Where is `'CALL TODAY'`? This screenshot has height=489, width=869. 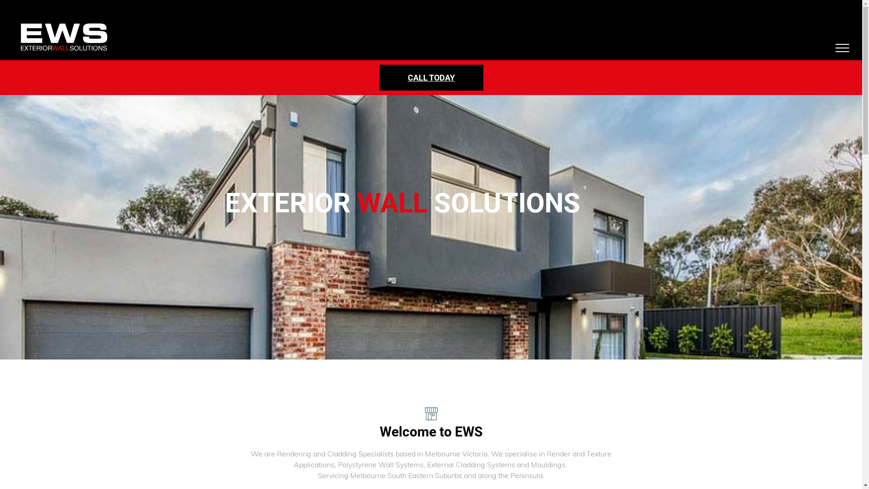 'CALL TODAY' is located at coordinates (431, 77).